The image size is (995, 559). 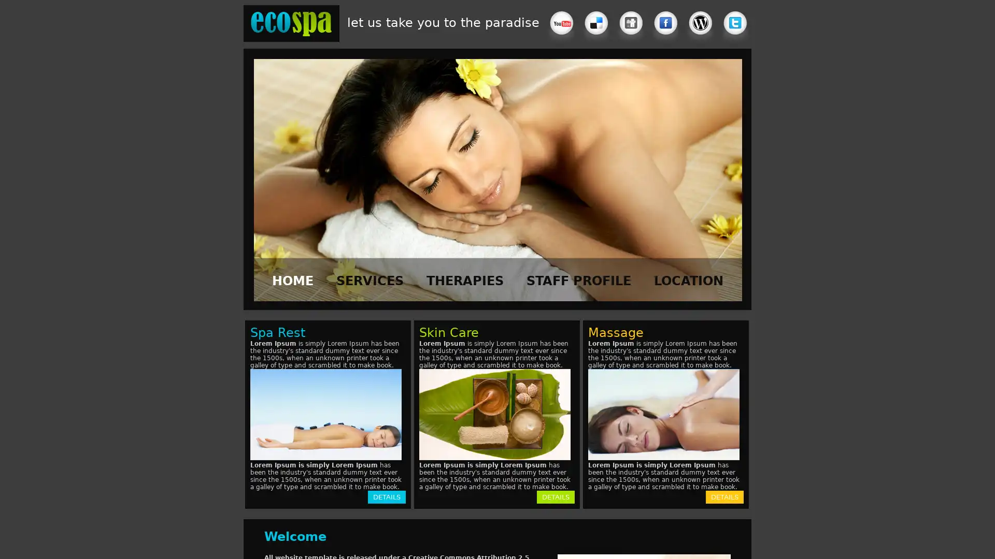 I want to click on DETAILS, so click(x=386, y=496).